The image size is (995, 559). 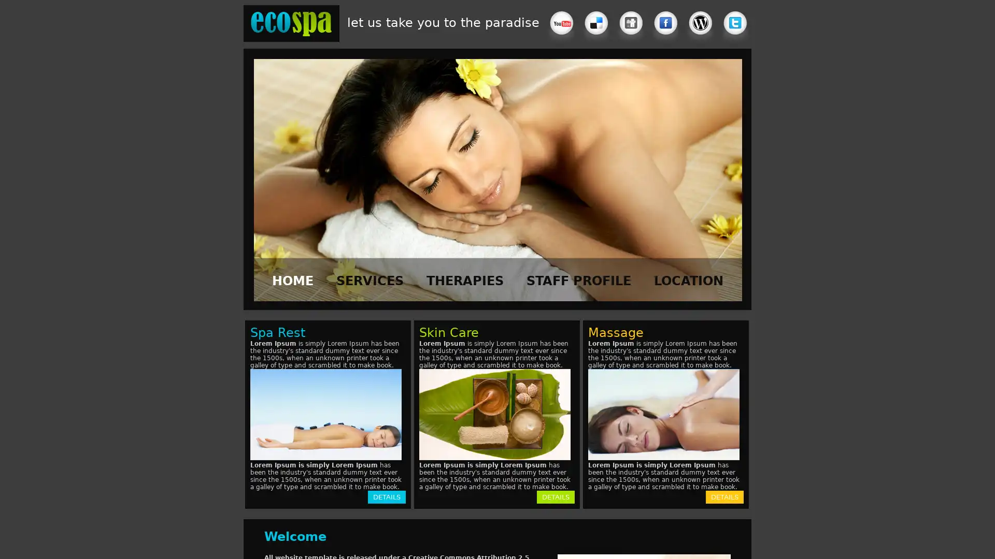 I want to click on DETAILS, so click(x=386, y=496).